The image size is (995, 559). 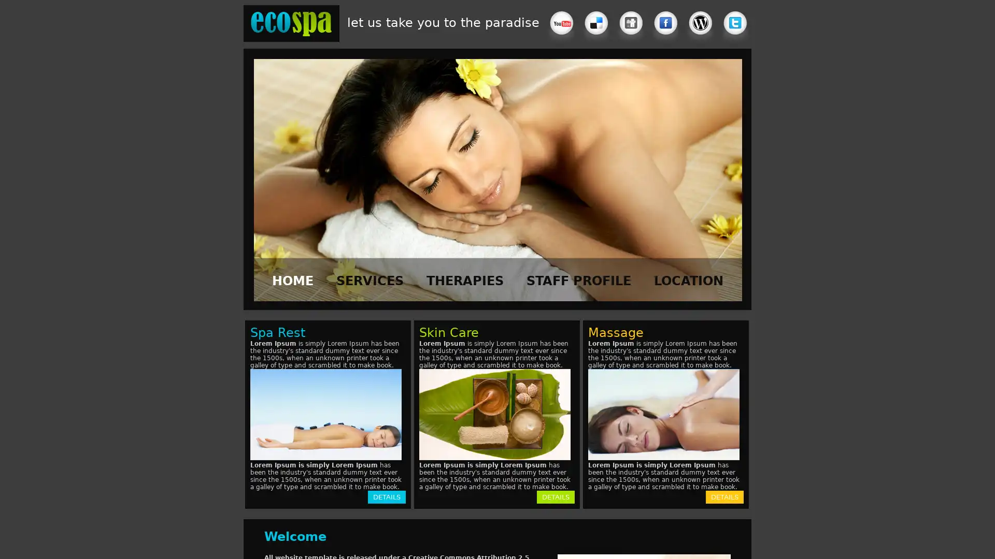 I want to click on DETAILS, so click(x=386, y=496).